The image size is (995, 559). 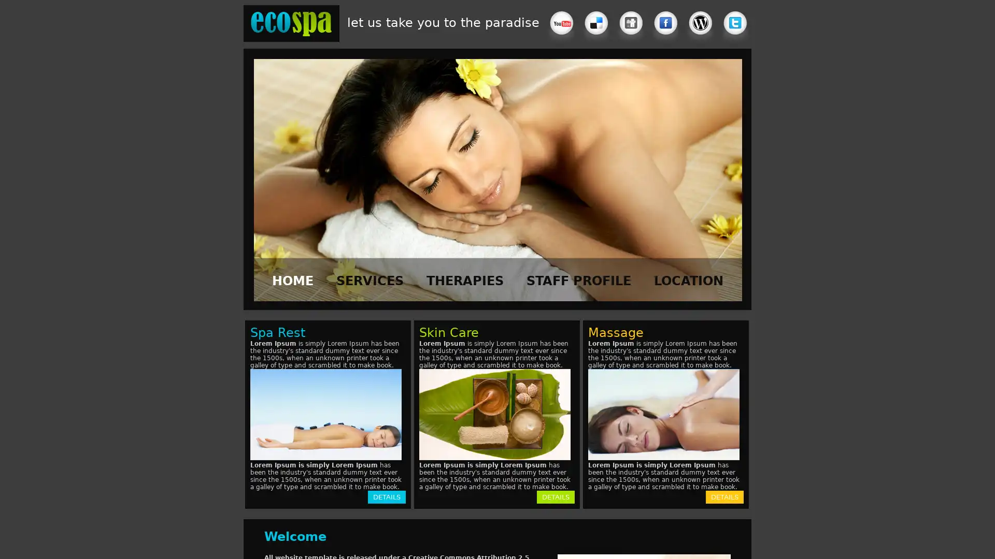 I want to click on DETAILS, so click(x=386, y=496).